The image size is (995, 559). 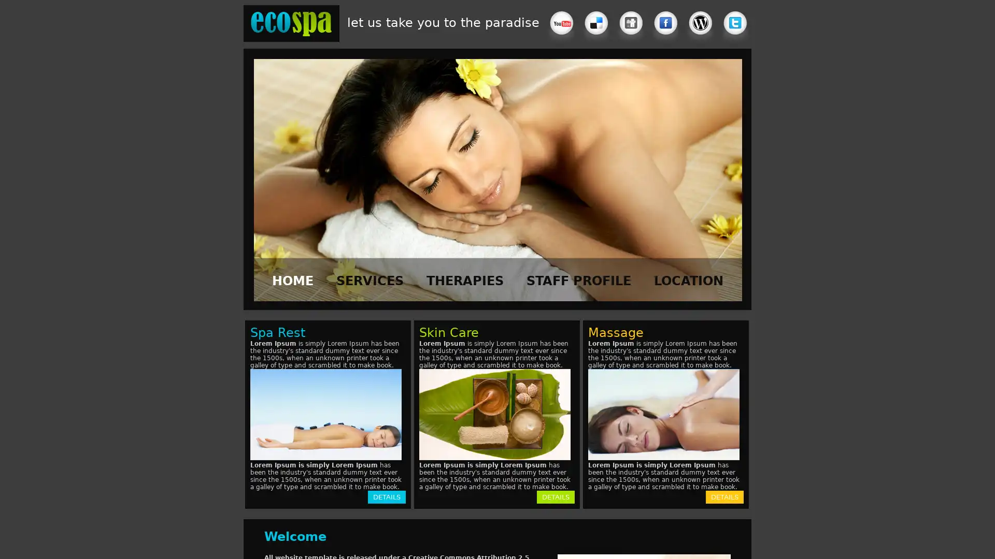 I want to click on DETAILS, so click(x=386, y=496).